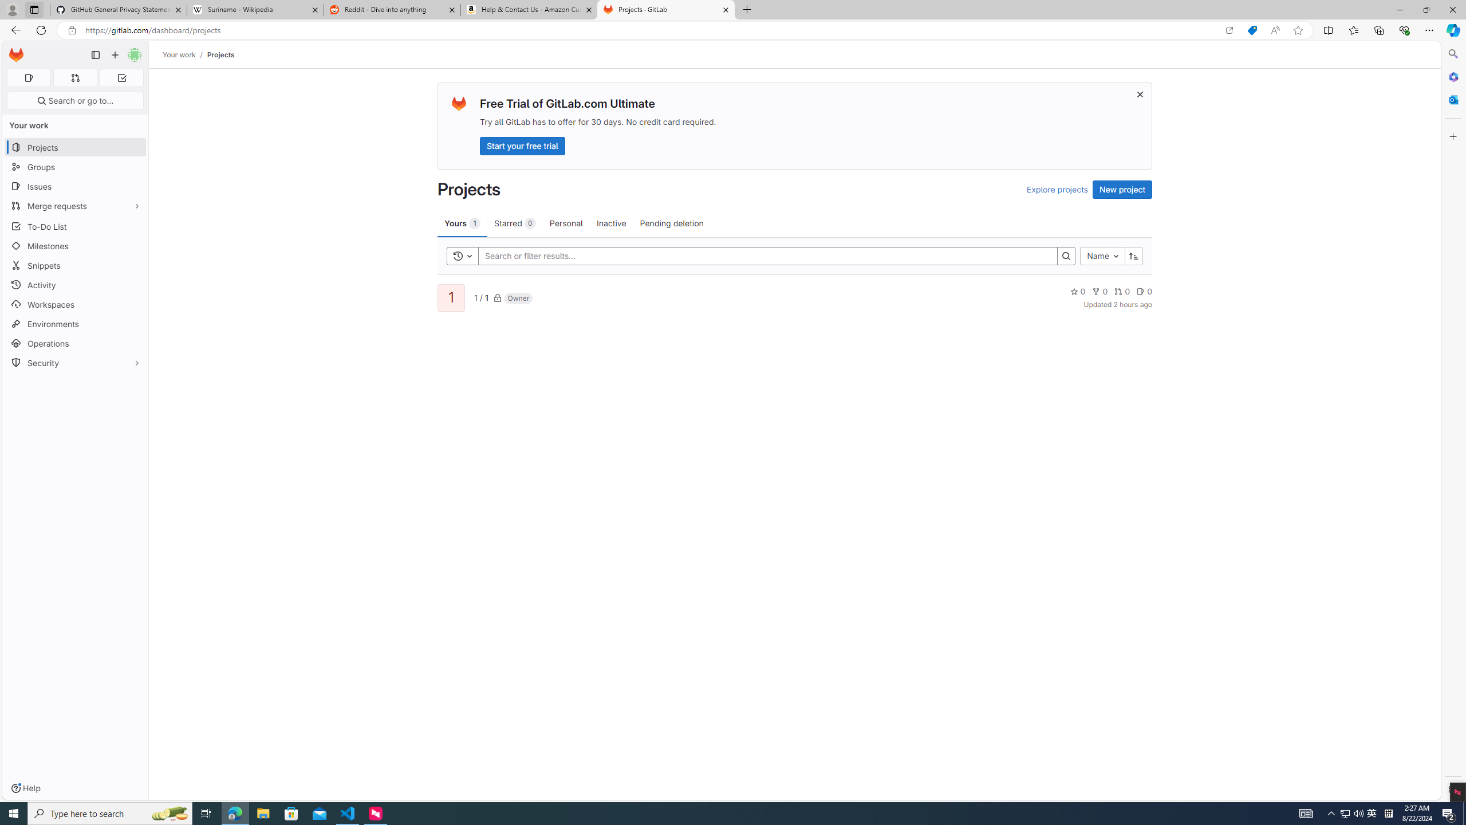 Image resolution: width=1466 pixels, height=825 pixels. Describe the element at coordinates (480, 297) in the screenshot. I see `'1 / 1'` at that location.